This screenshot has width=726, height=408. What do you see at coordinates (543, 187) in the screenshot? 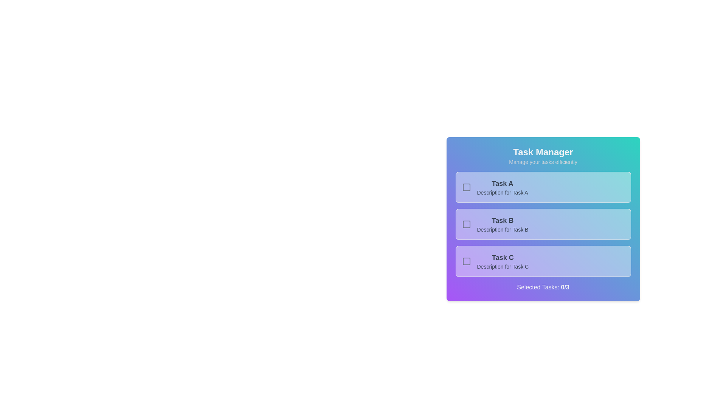
I see `the task card corresponding to 1` at bounding box center [543, 187].